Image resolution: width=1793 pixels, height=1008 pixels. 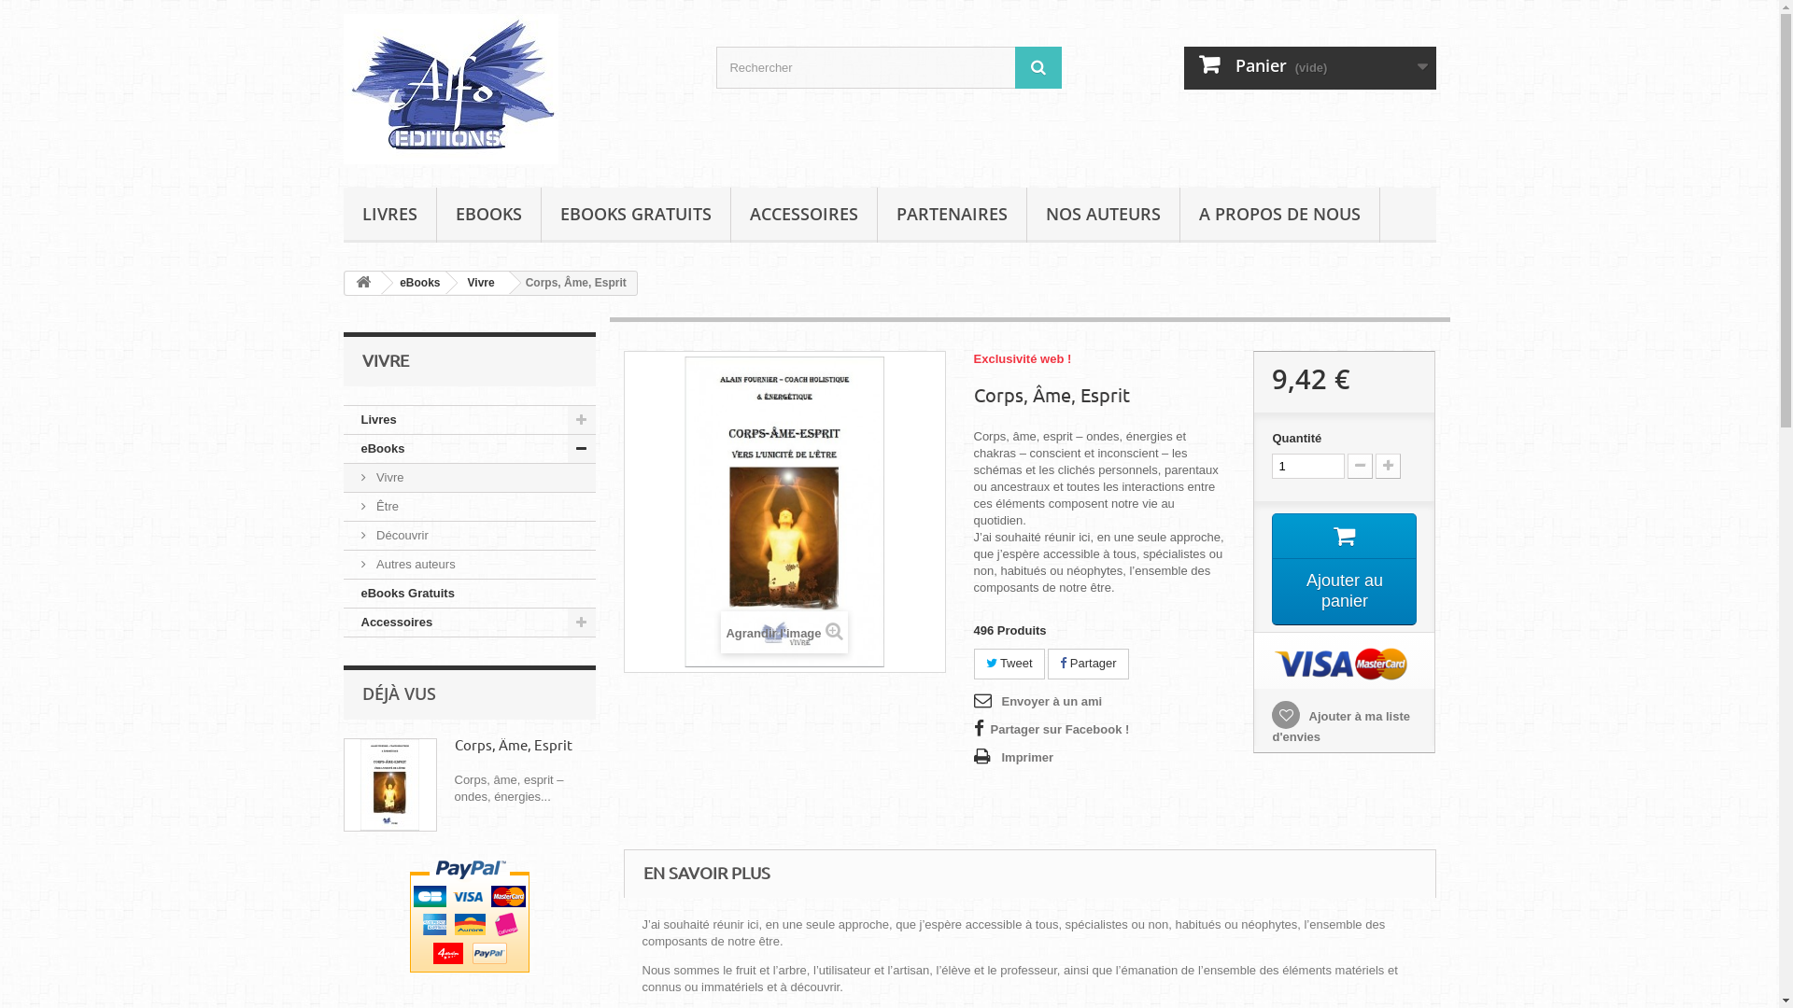 I want to click on 'Tweet', so click(x=1008, y=663).